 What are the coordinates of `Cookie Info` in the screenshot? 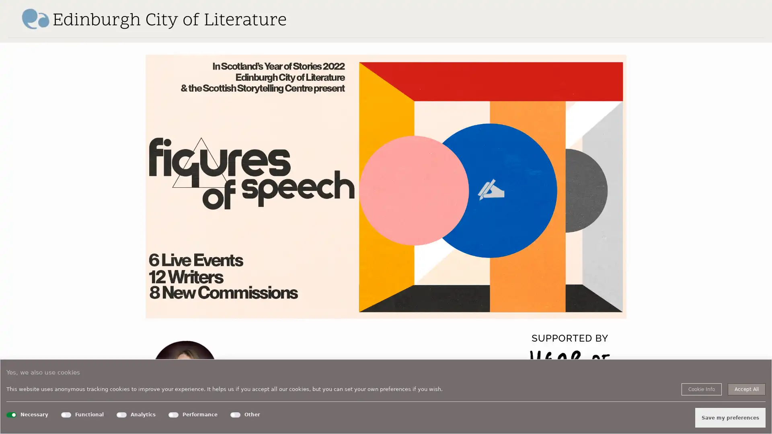 It's located at (701, 389).